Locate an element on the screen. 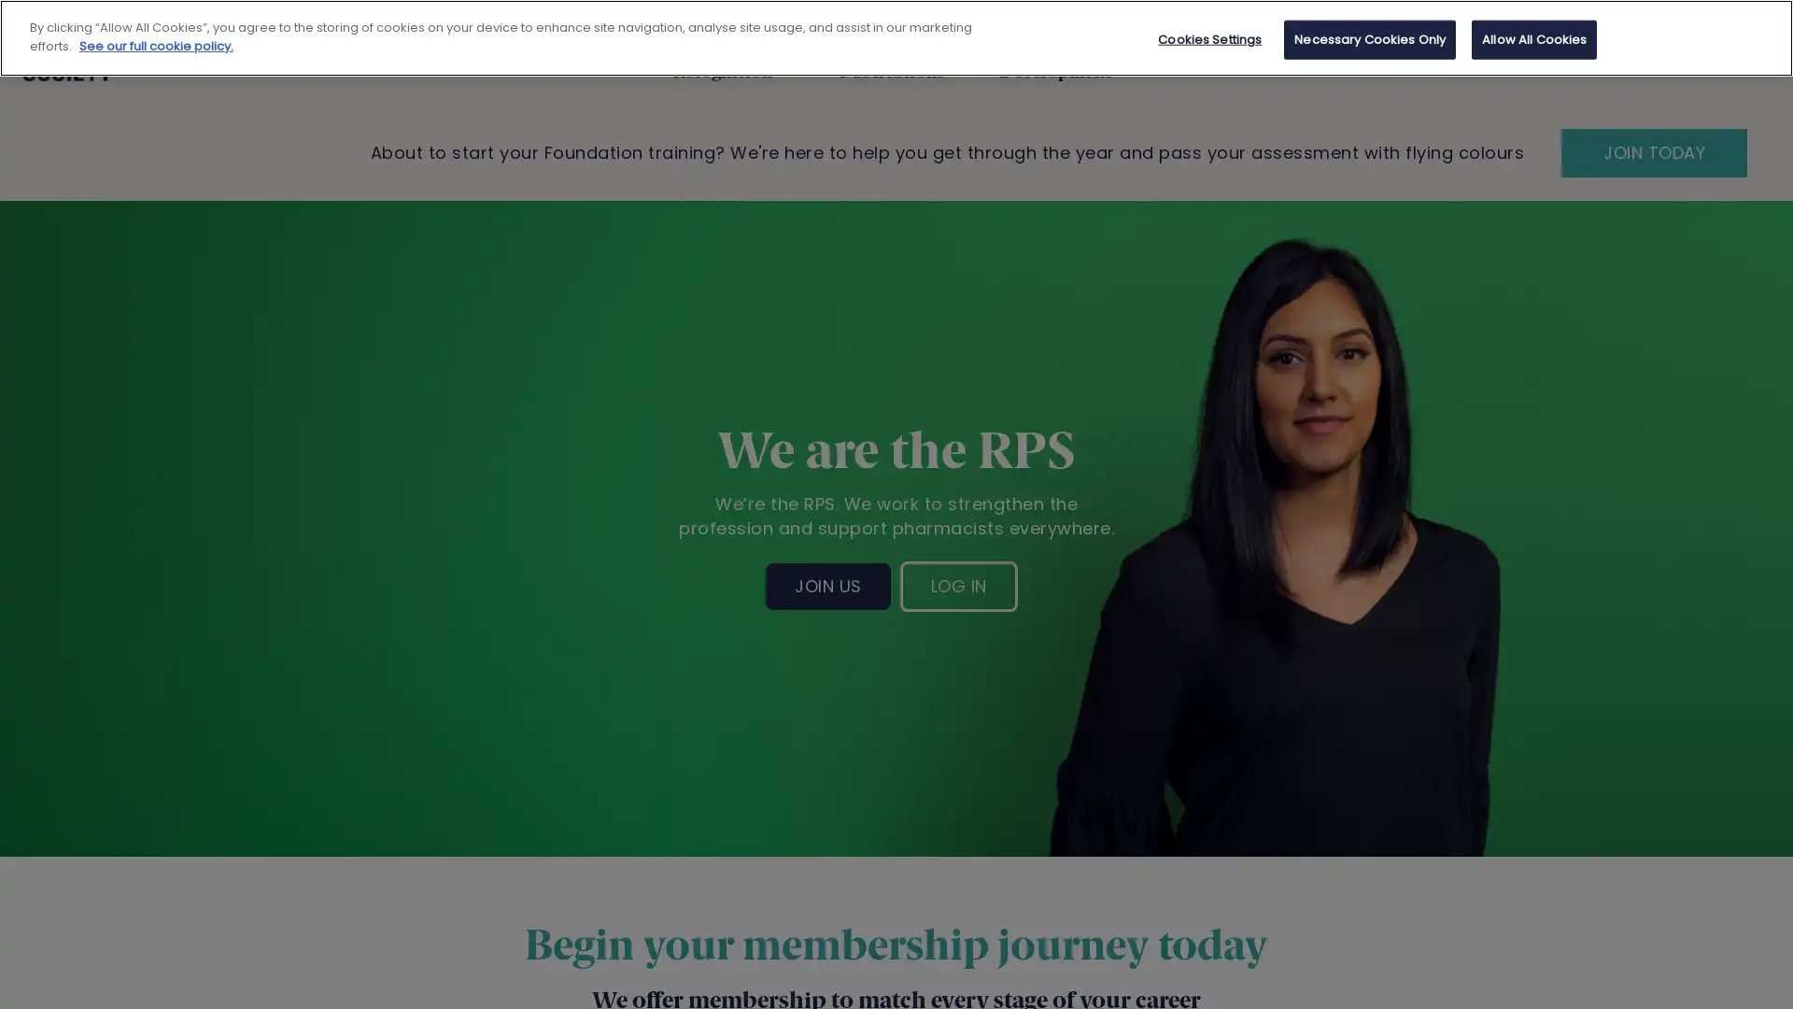 The height and width of the screenshot is (1009, 1793). Cookies Settings is located at coordinates (1209, 39).